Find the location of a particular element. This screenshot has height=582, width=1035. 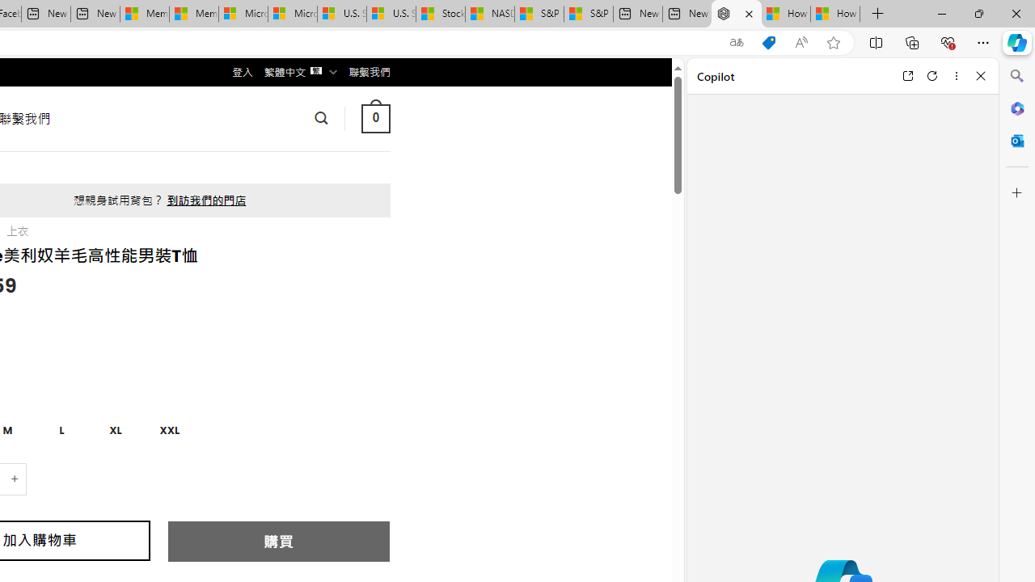

' 0 ' is located at coordinates (374, 117).